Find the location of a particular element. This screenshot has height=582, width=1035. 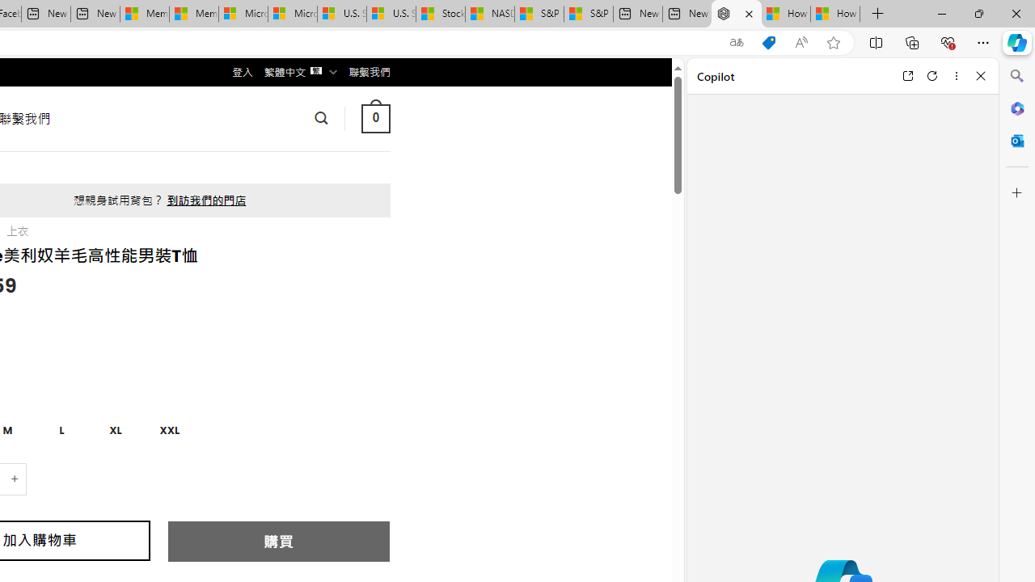

' 0 ' is located at coordinates (374, 117).